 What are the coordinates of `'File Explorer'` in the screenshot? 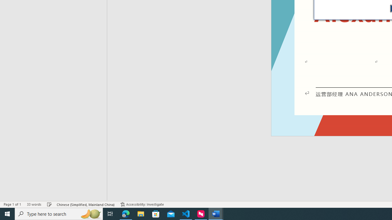 It's located at (141, 213).